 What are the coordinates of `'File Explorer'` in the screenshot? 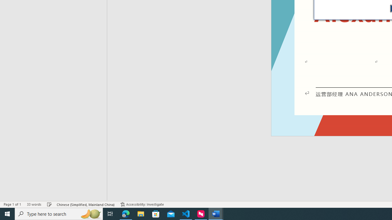 It's located at (141, 213).